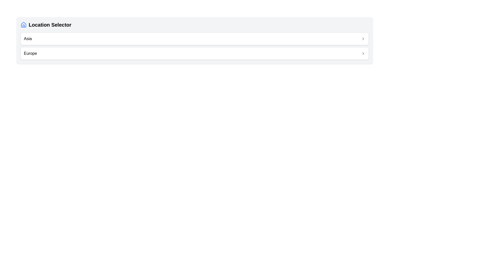 This screenshot has width=488, height=274. What do you see at coordinates (363, 54) in the screenshot?
I see `the right-facing chevron icon associated with the 'Europe' option in the dropdown menu` at bounding box center [363, 54].